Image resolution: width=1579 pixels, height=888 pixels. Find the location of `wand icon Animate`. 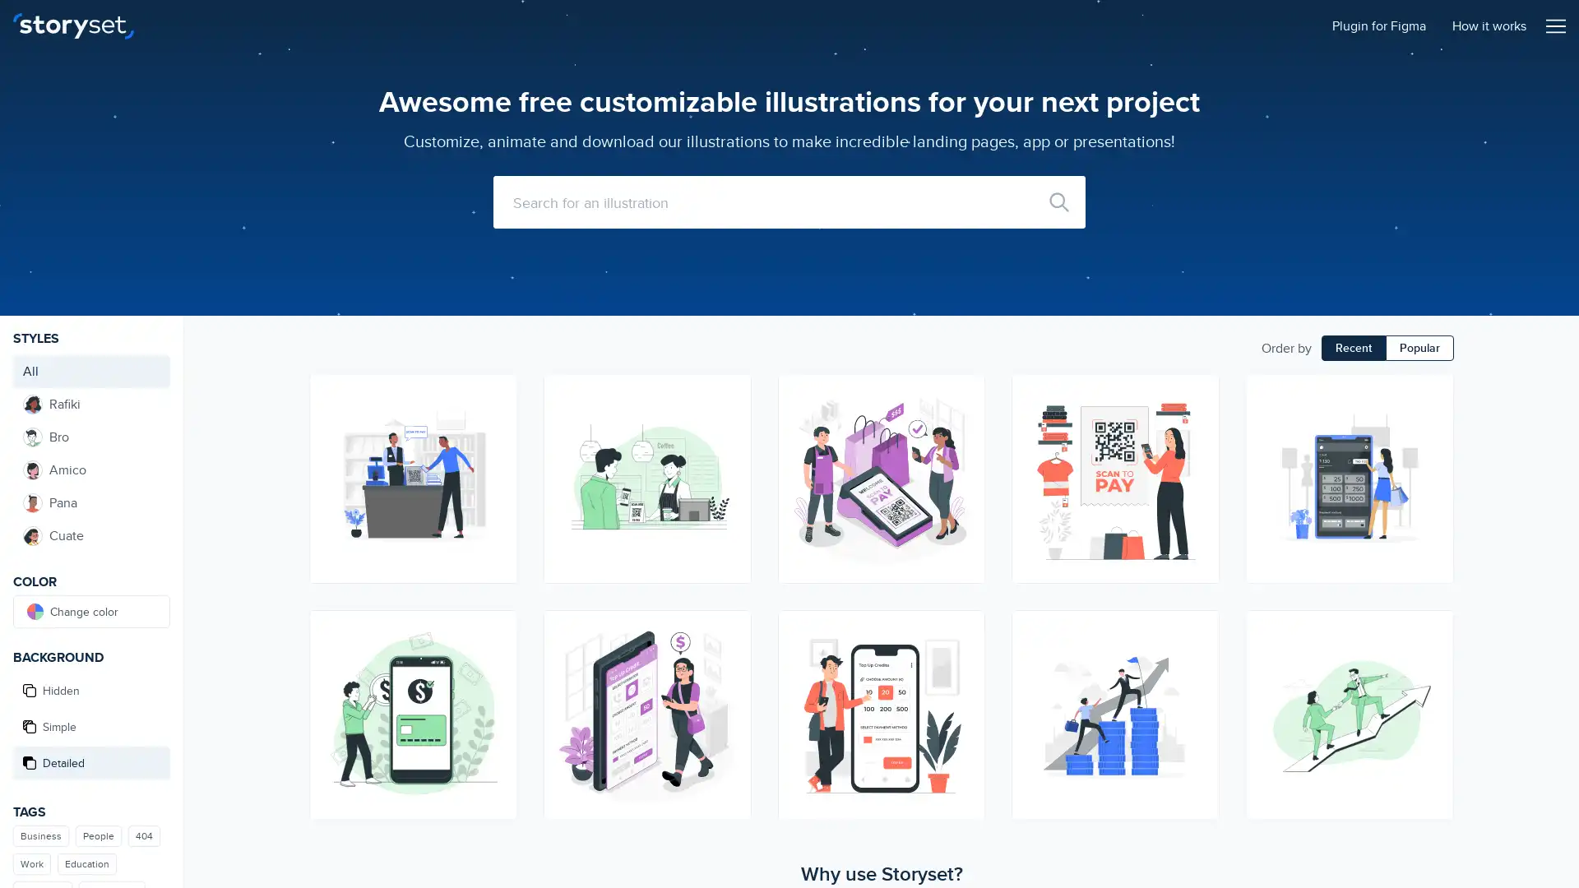

wand icon Animate is located at coordinates (729, 629).